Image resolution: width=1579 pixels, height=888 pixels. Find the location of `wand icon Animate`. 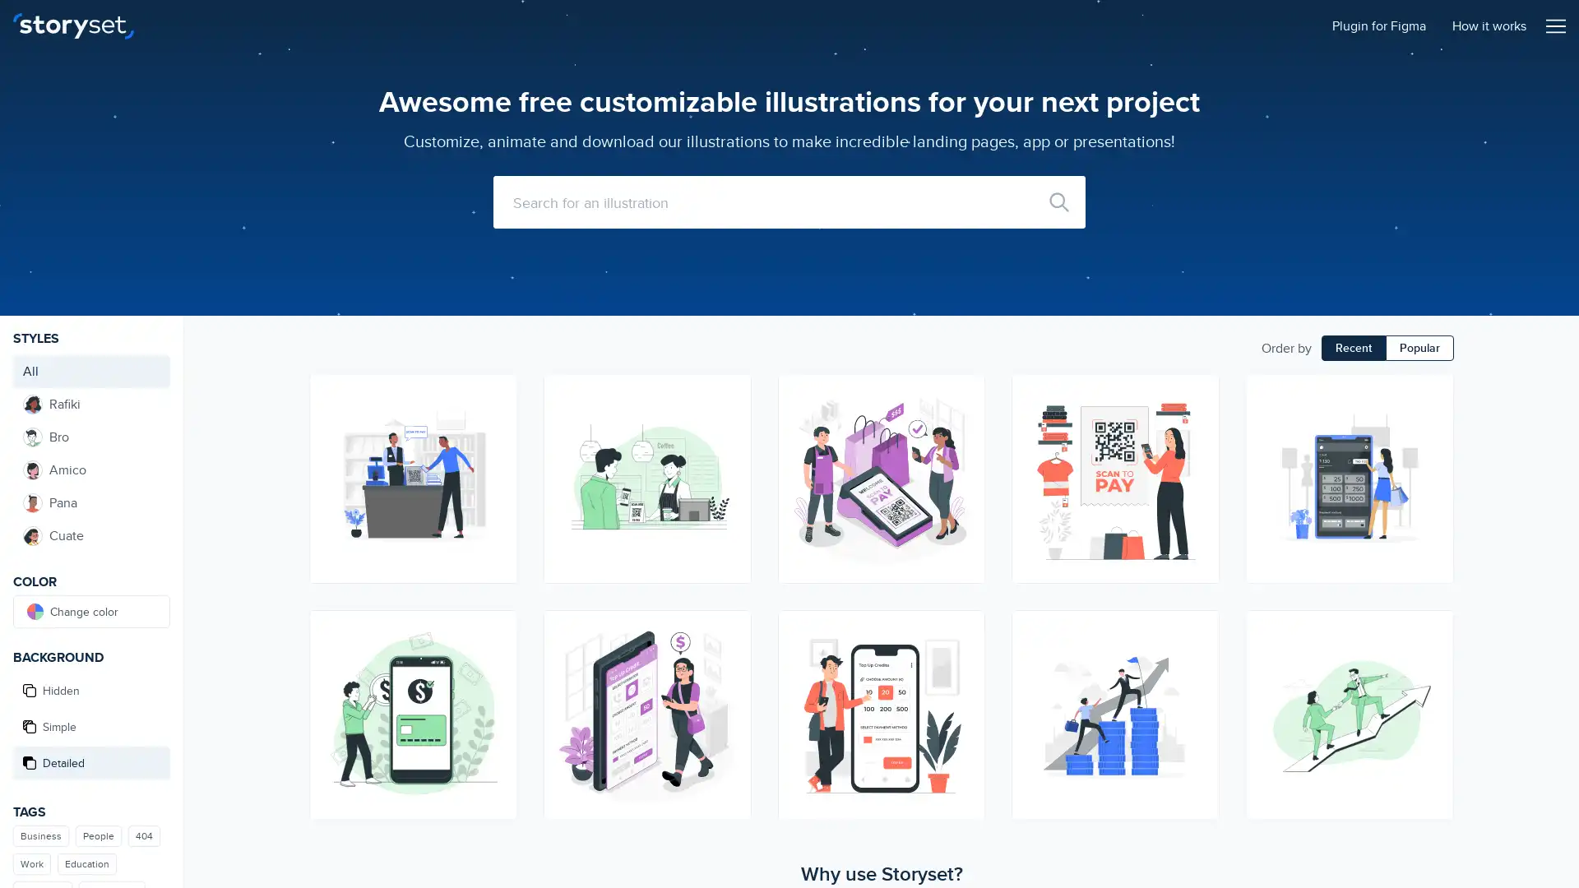

wand icon Animate is located at coordinates (729, 629).